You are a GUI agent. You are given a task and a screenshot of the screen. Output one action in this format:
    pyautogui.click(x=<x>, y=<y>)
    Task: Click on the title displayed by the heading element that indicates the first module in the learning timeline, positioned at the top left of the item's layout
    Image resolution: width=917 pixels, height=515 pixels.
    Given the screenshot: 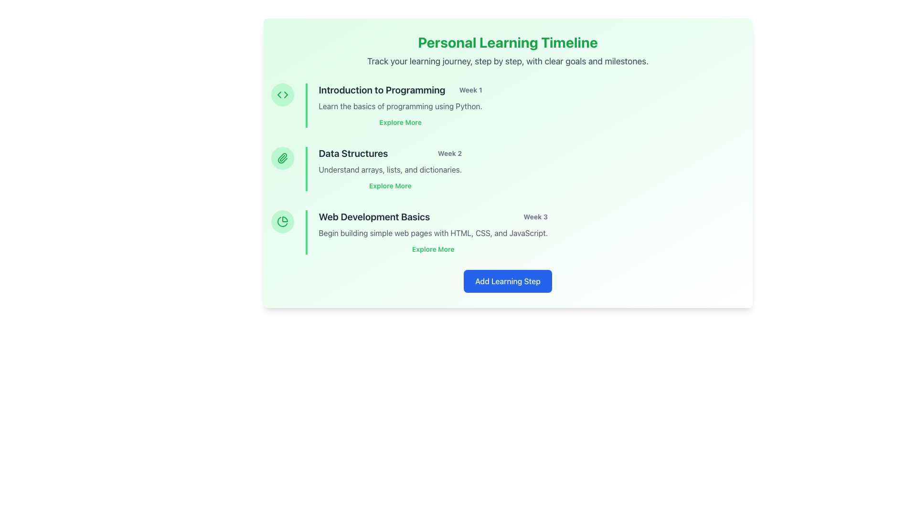 What is the action you would take?
    pyautogui.click(x=382, y=90)
    